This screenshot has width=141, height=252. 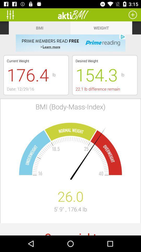 I want to click on this is an advertisement to direct you to amazon prime reading membership sign up, so click(x=70, y=43).